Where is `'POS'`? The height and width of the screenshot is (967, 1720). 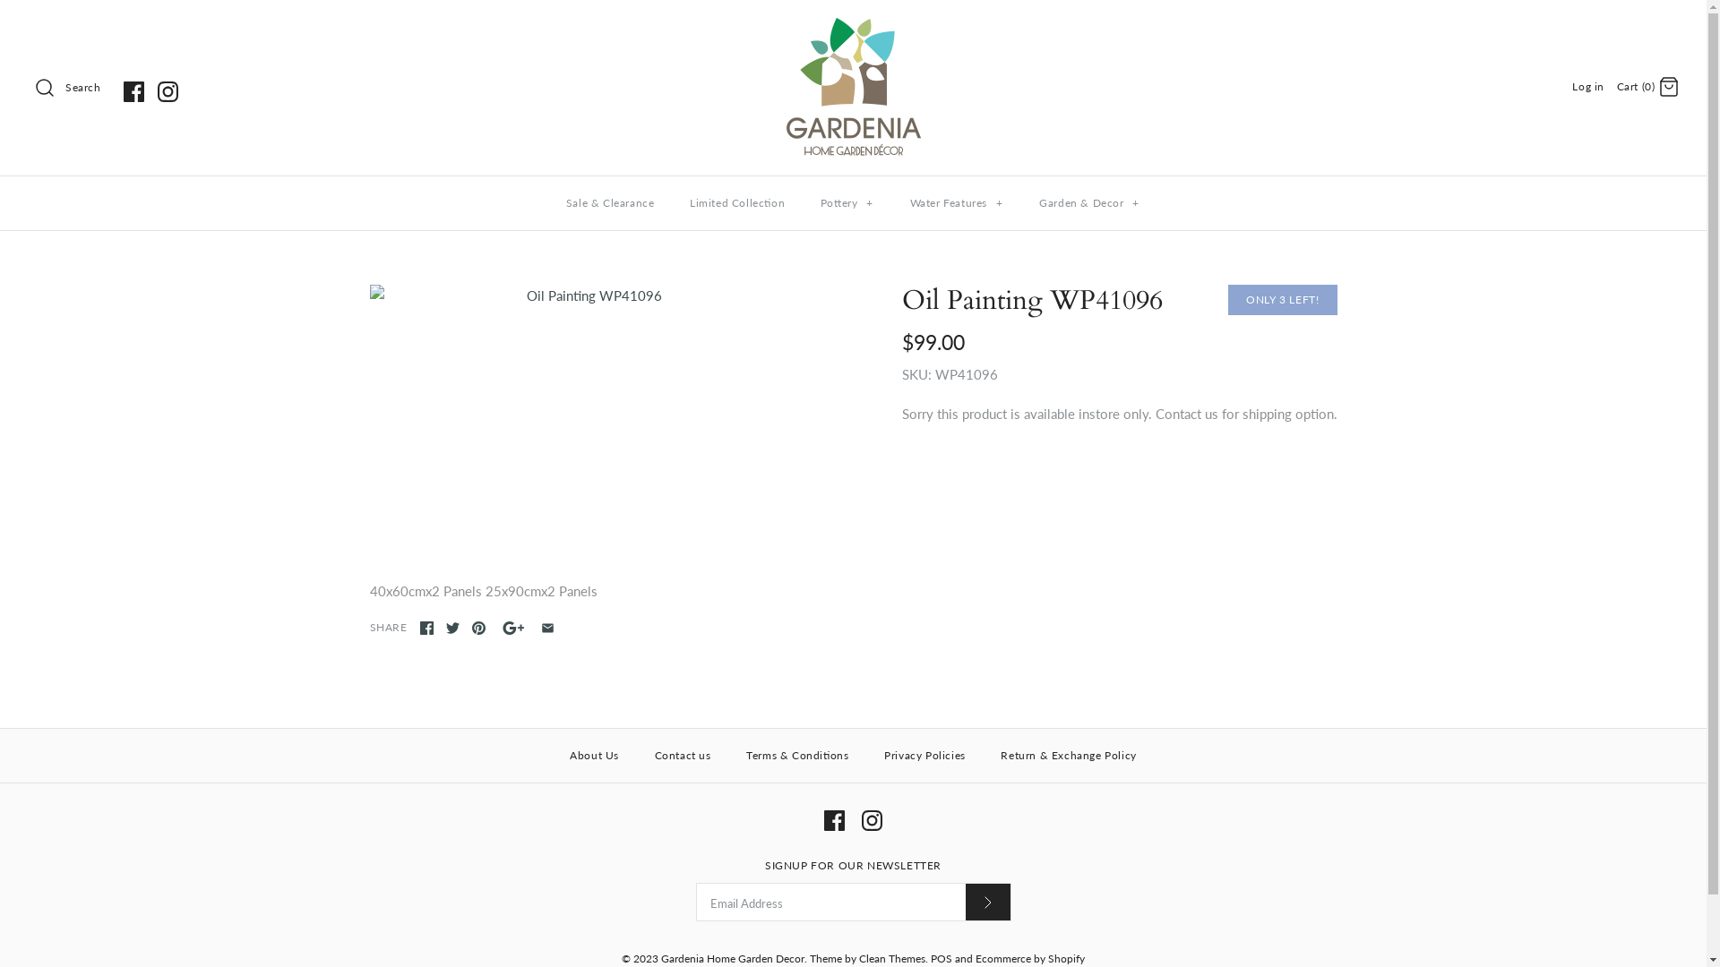
'POS' is located at coordinates (941, 957).